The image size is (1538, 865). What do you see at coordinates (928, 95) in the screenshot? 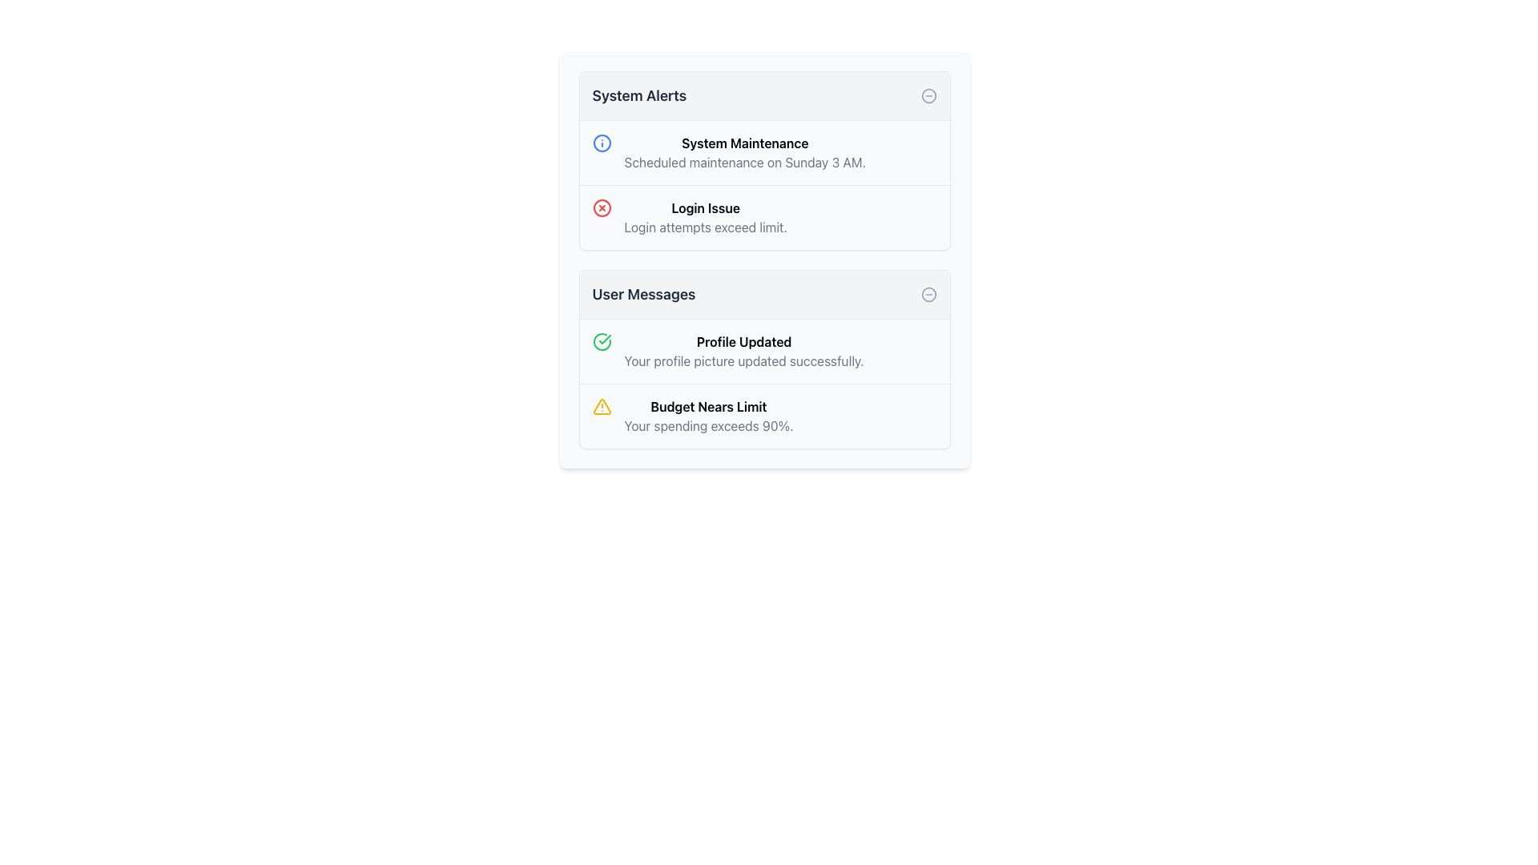
I see `the minus symbol represented by the SVG circle located in the top-right corner of the 'System Alerts' section` at bounding box center [928, 95].